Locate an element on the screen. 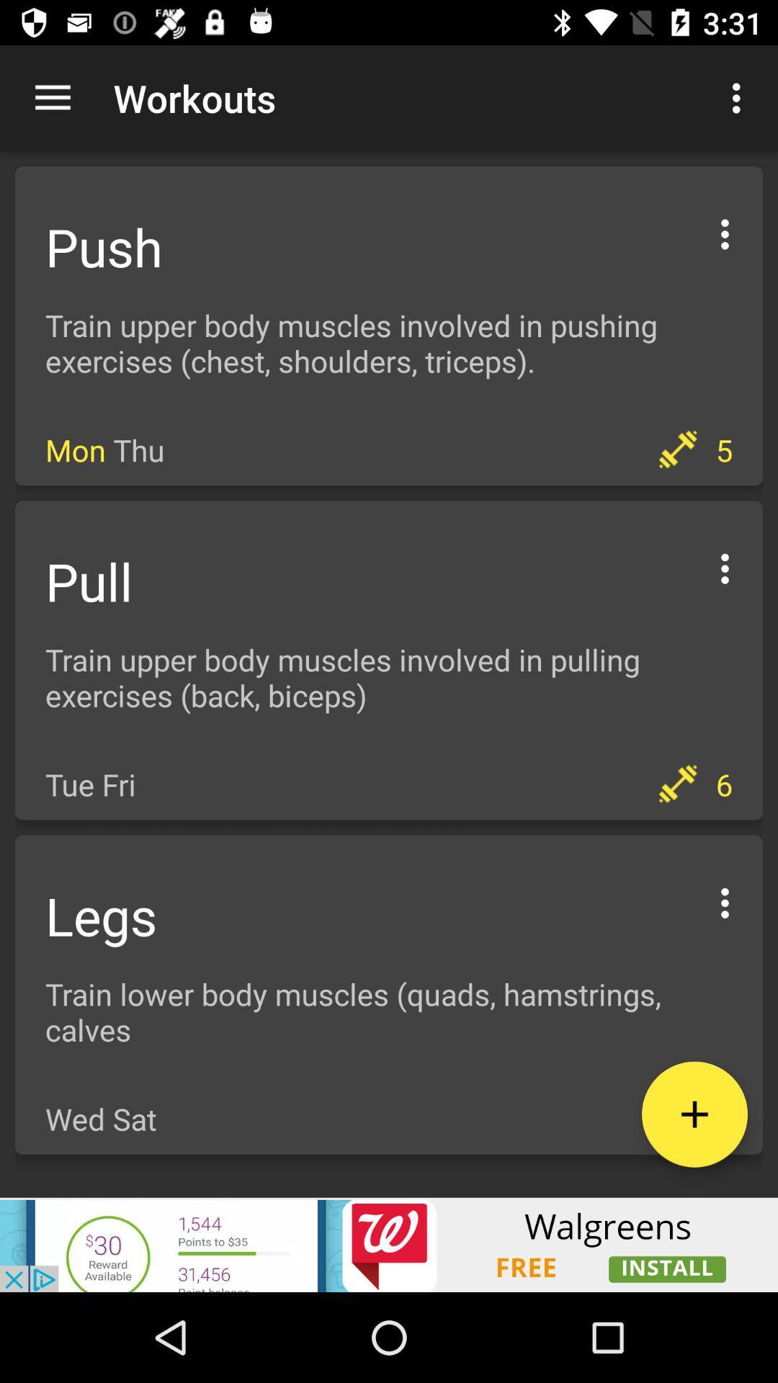 The image size is (778, 1383). advertisement is located at coordinates (389, 1244).